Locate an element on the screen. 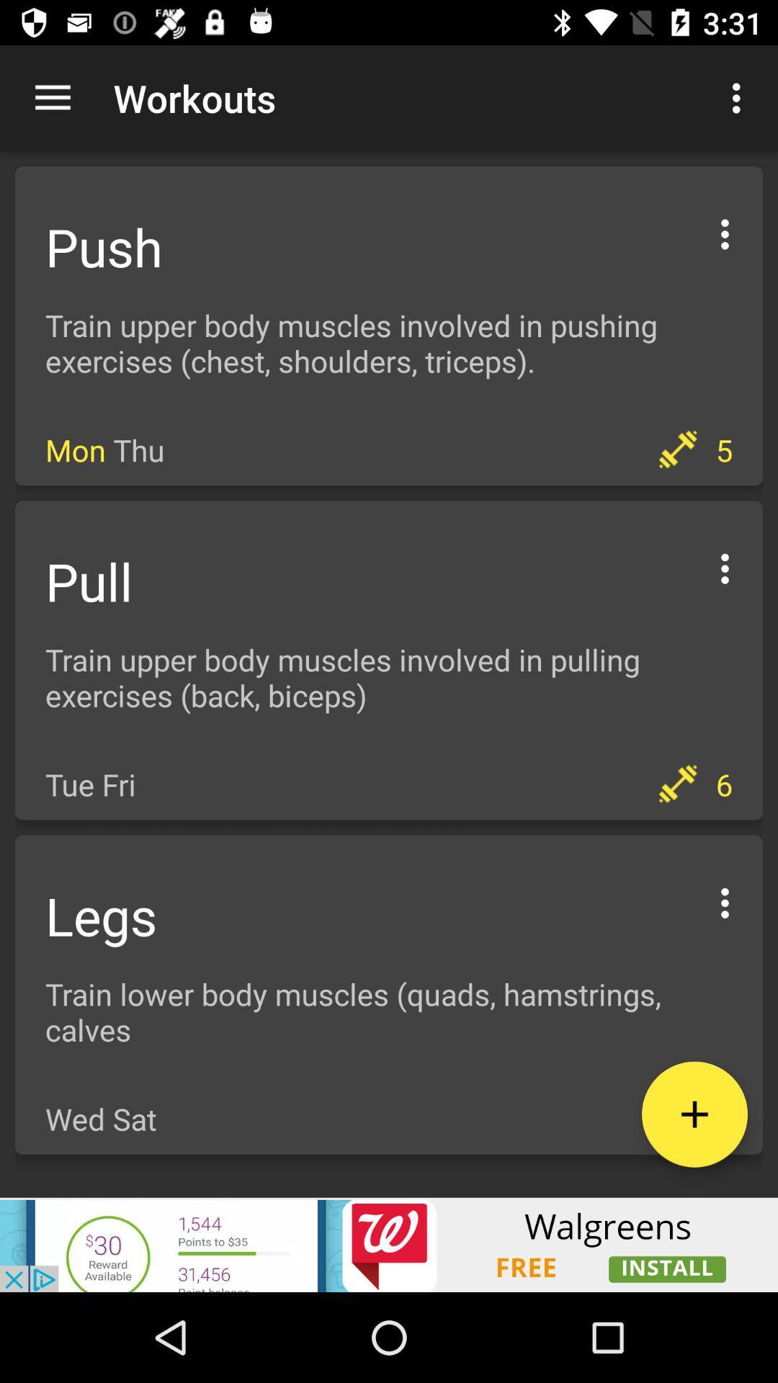 The image size is (778, 1383). advertisement is located at coordinates (389, 1244).